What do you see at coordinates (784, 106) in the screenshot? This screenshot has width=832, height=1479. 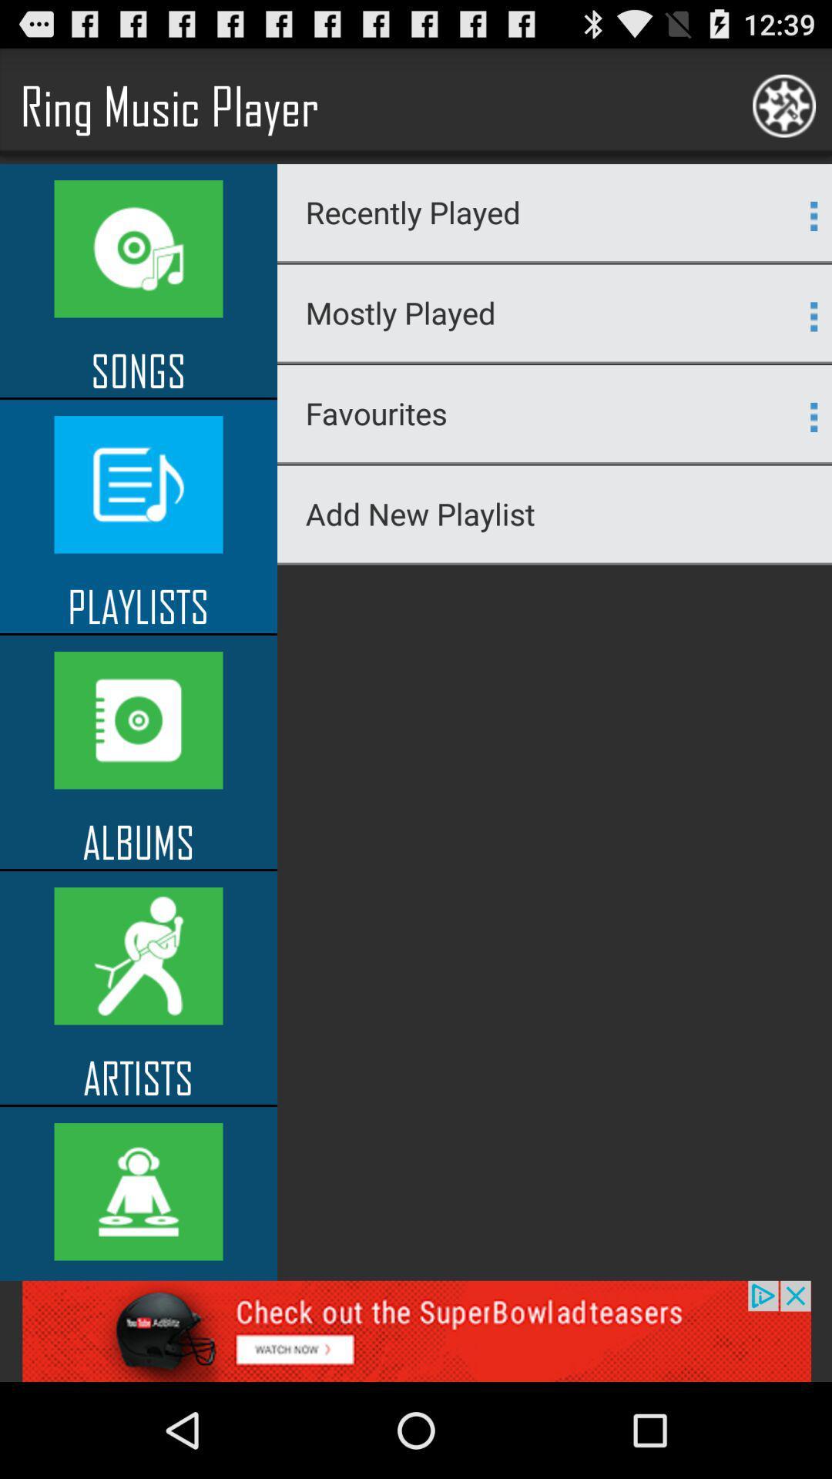 I see `the logo on the top right corner of the web page` at bounding box center [784, 106].